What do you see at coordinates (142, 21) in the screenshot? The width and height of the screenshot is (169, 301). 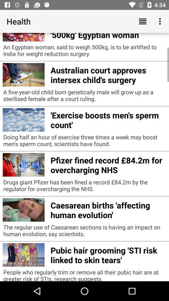 I see `the app above india doctor to` at bounding box center [142, 21].